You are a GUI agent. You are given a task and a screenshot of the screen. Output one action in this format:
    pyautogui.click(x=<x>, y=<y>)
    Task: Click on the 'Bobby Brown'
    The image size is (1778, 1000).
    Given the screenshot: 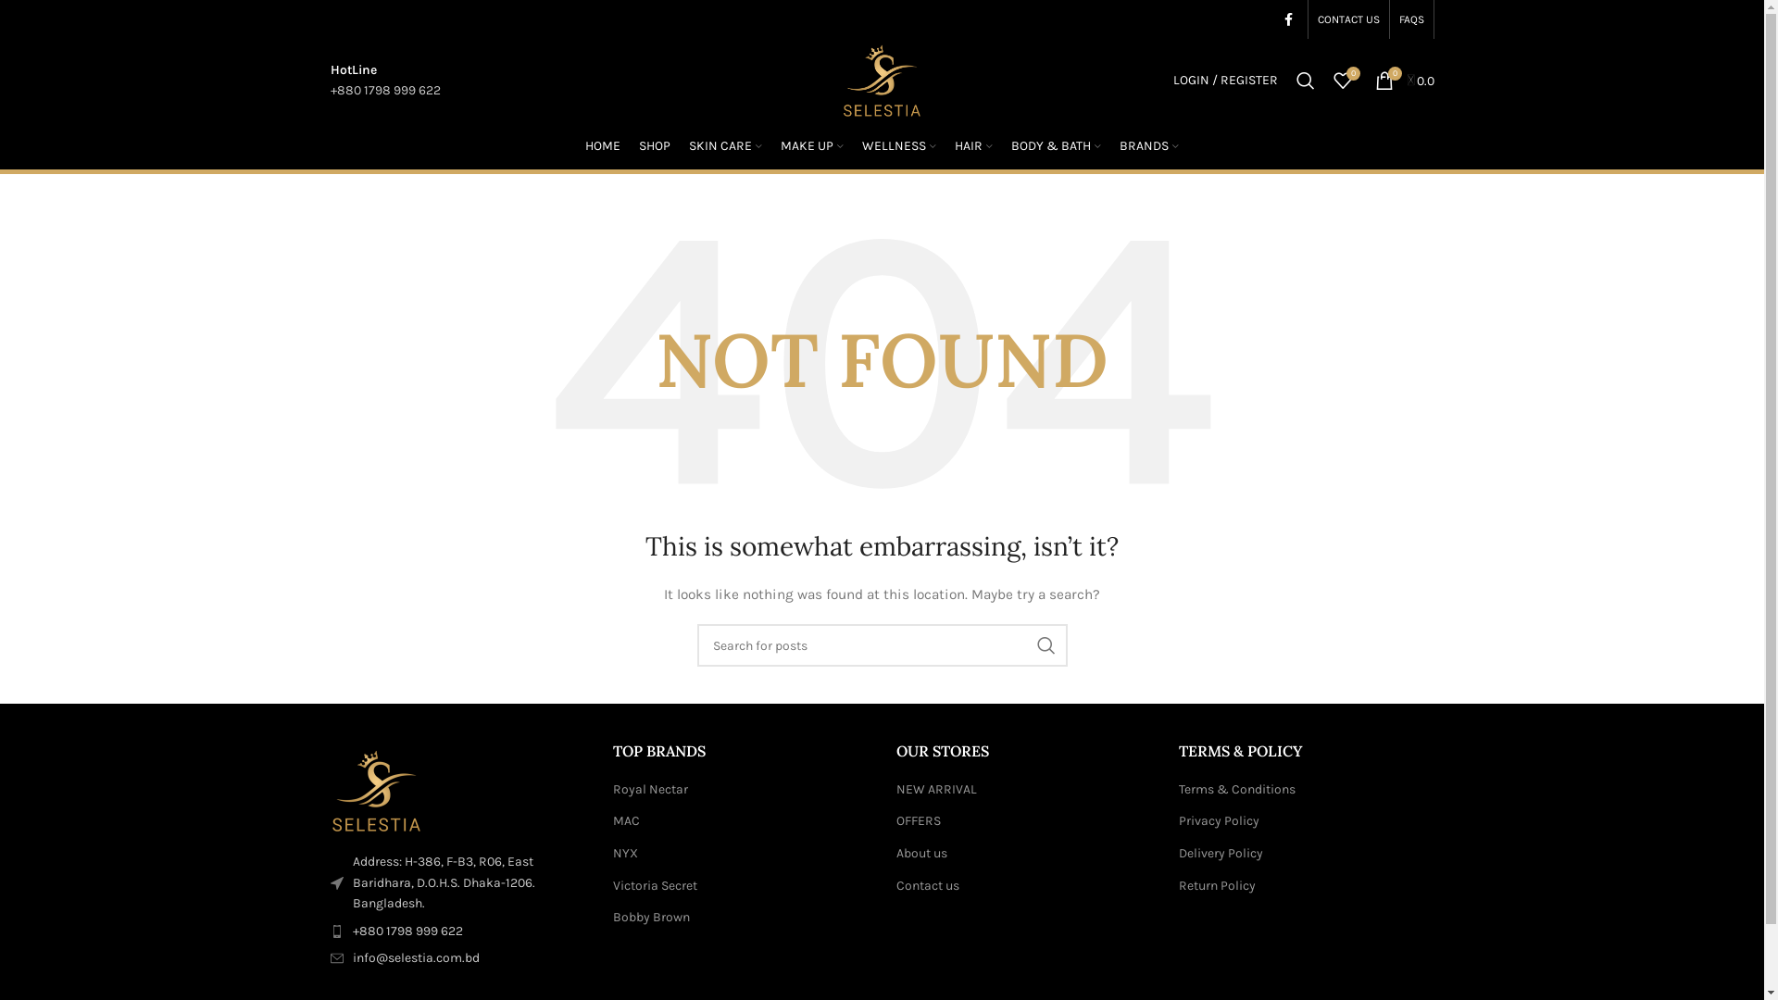 What is the action you would take?
    pyautogui.click(x=652, y=918)
    